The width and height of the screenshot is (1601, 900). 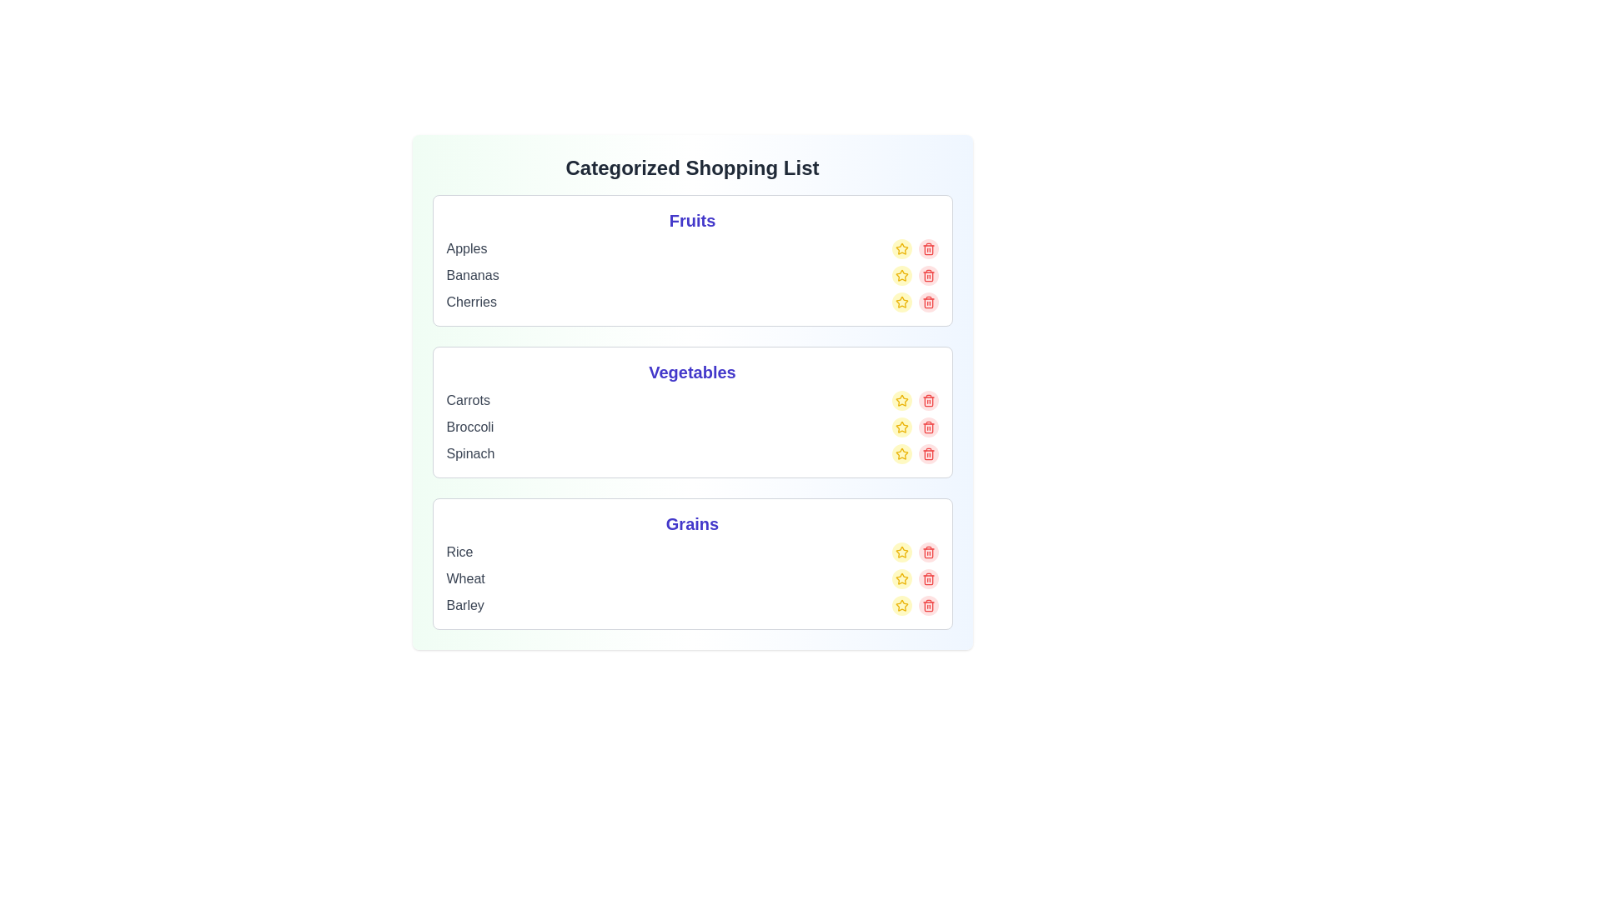 I want to click on the 'Mark as Favorite' button for the item 'Apples', so click(x=901, y=249).